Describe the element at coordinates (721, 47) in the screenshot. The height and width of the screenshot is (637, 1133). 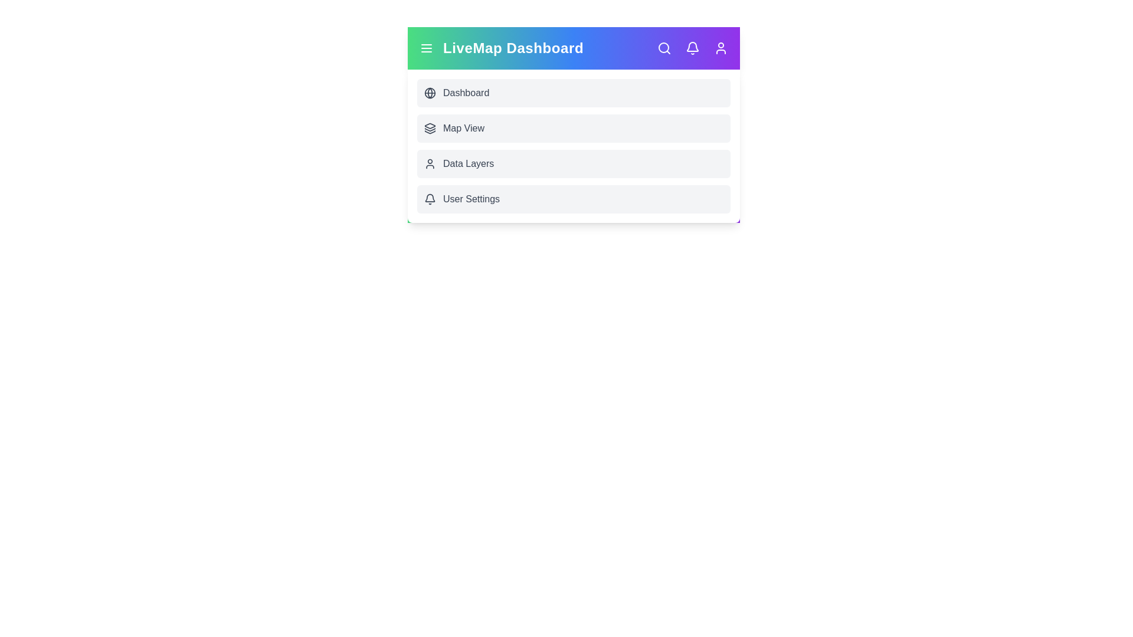
I see `the interactive element Profile Icon to view its visual feedback` at that location.